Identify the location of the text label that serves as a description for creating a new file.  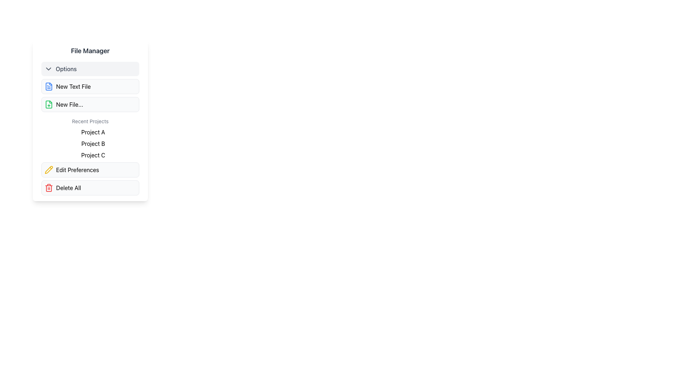
(69, 104).